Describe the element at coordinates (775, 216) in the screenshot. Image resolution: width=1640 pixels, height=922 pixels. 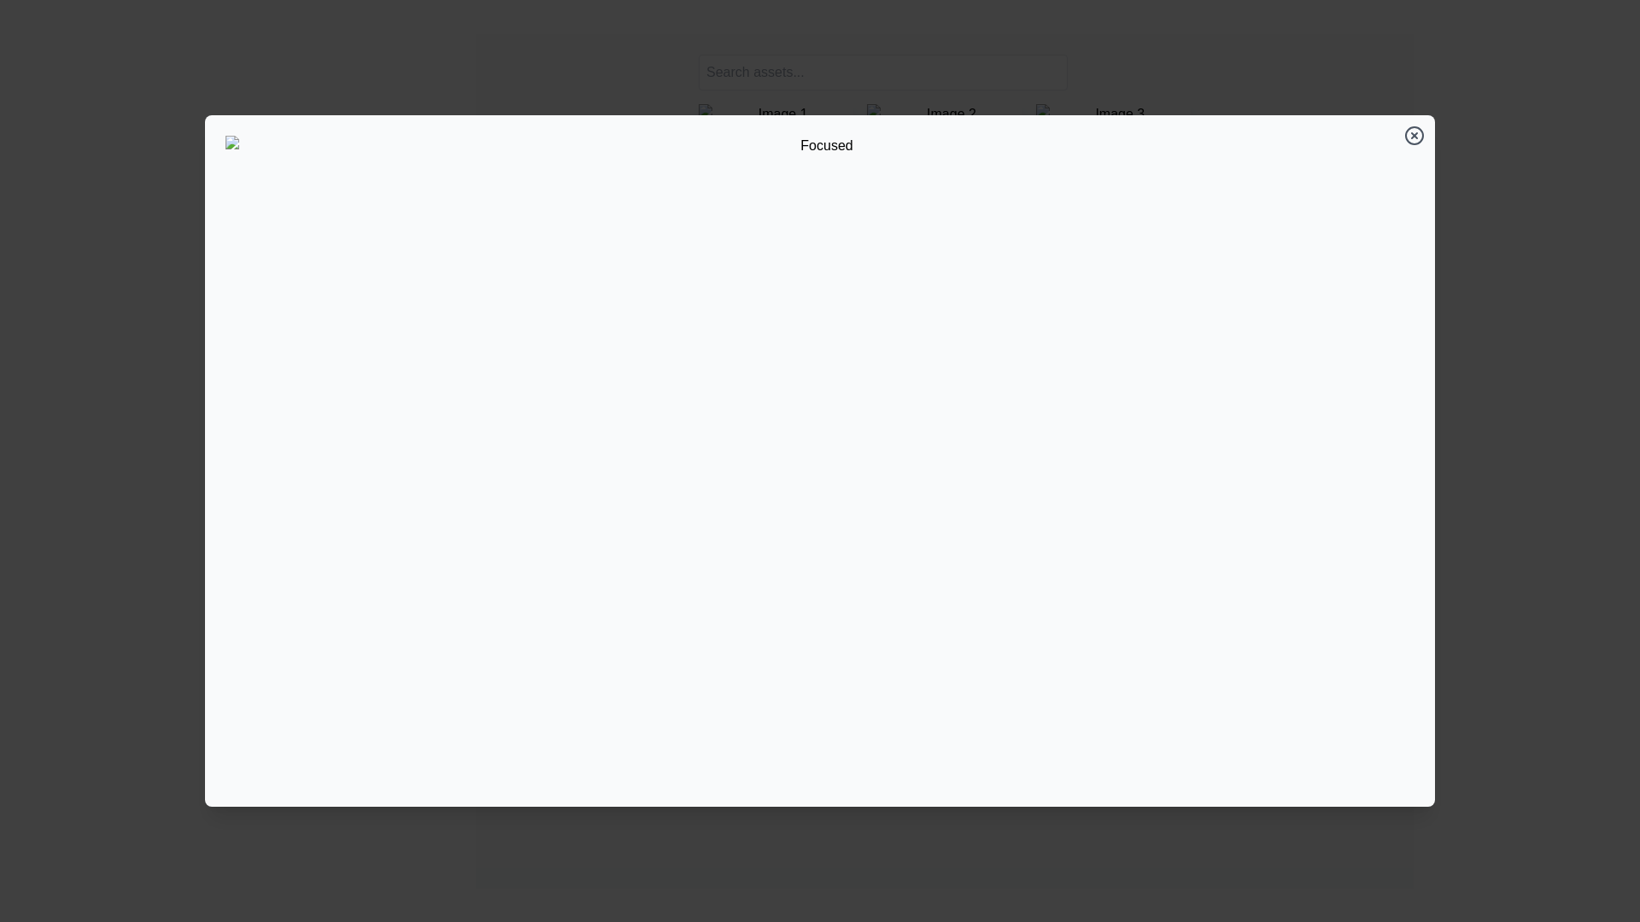
I see `the grid item associated with 'Image 10'` at that location.